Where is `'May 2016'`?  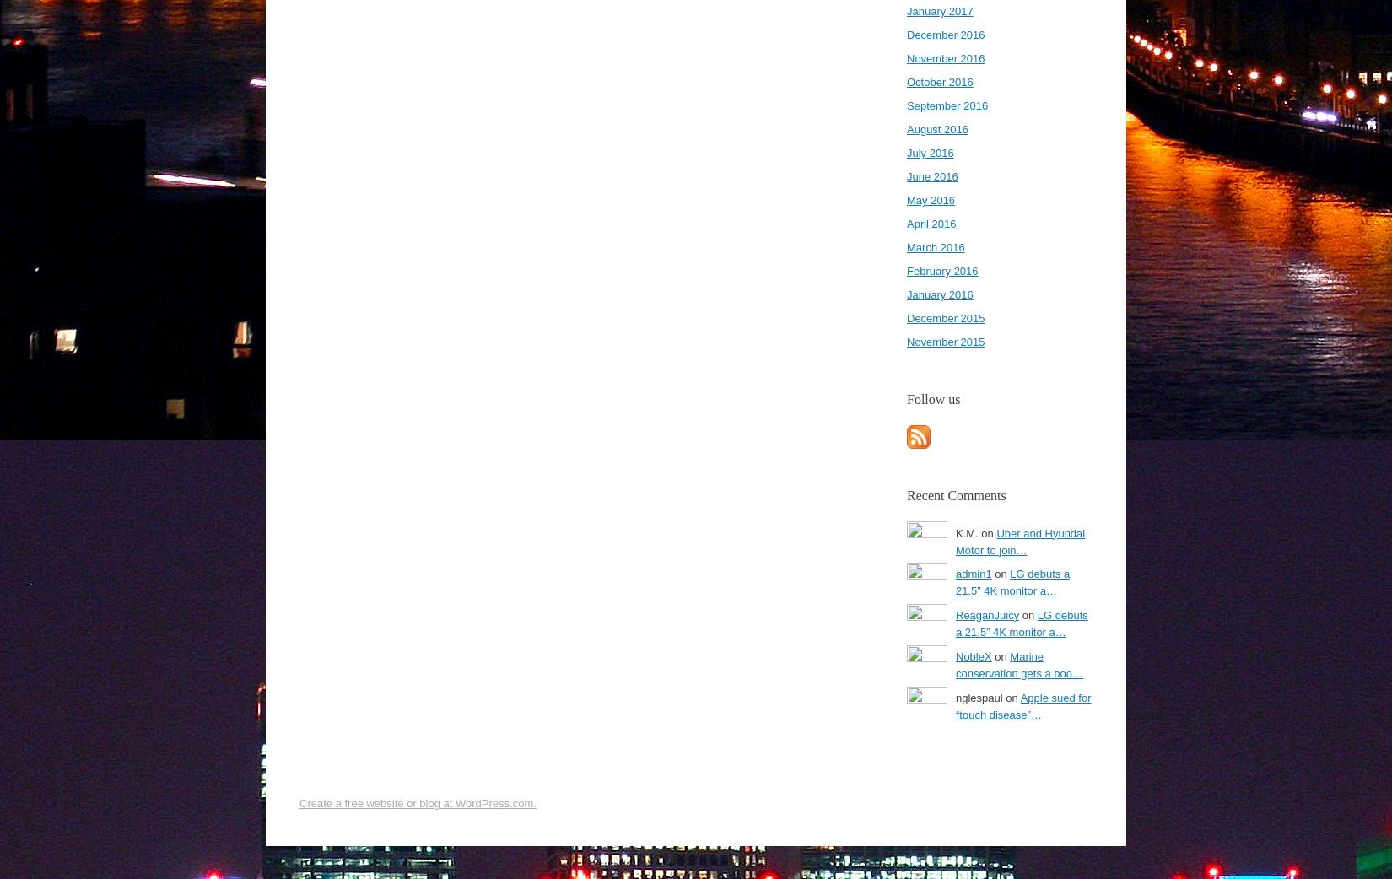
'May 2016' is located at coordinates (906, 199).